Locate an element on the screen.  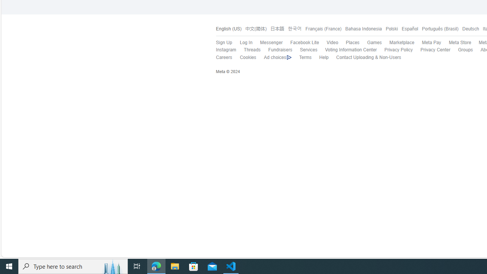
'Contact Uploading & Non-Users' is located at coordinates (368, 57).